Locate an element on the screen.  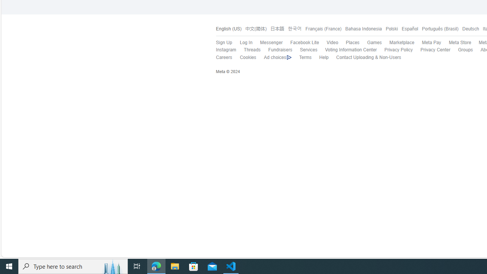
'Contact Uploading & Non-Users' is located at coordinates (368, 57).